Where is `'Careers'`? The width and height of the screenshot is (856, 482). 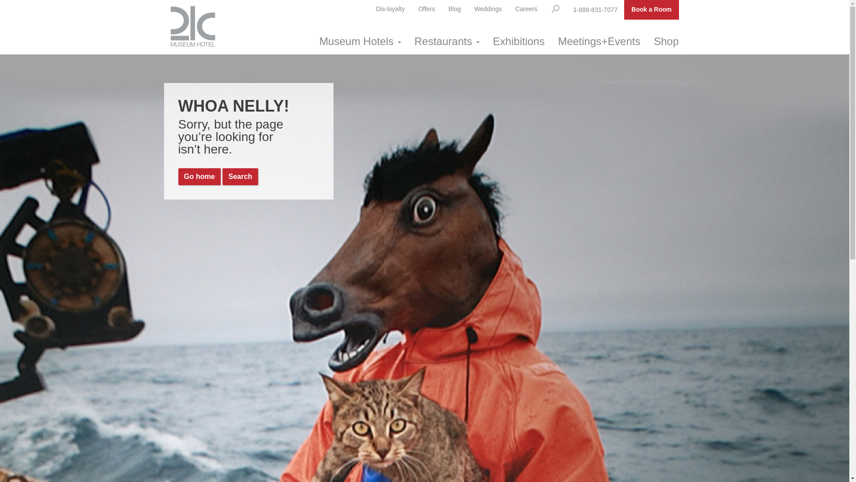 'Careers' is located at coordinates (509, 9).